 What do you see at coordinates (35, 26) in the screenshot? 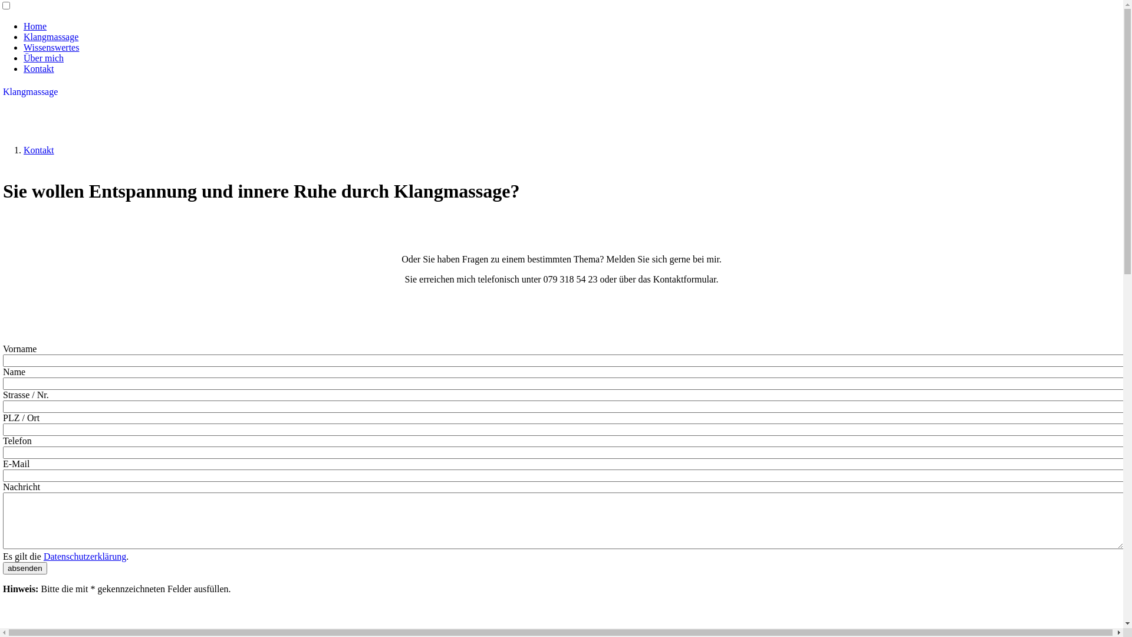
I see `'Home'` at bounding box center [35, 26].